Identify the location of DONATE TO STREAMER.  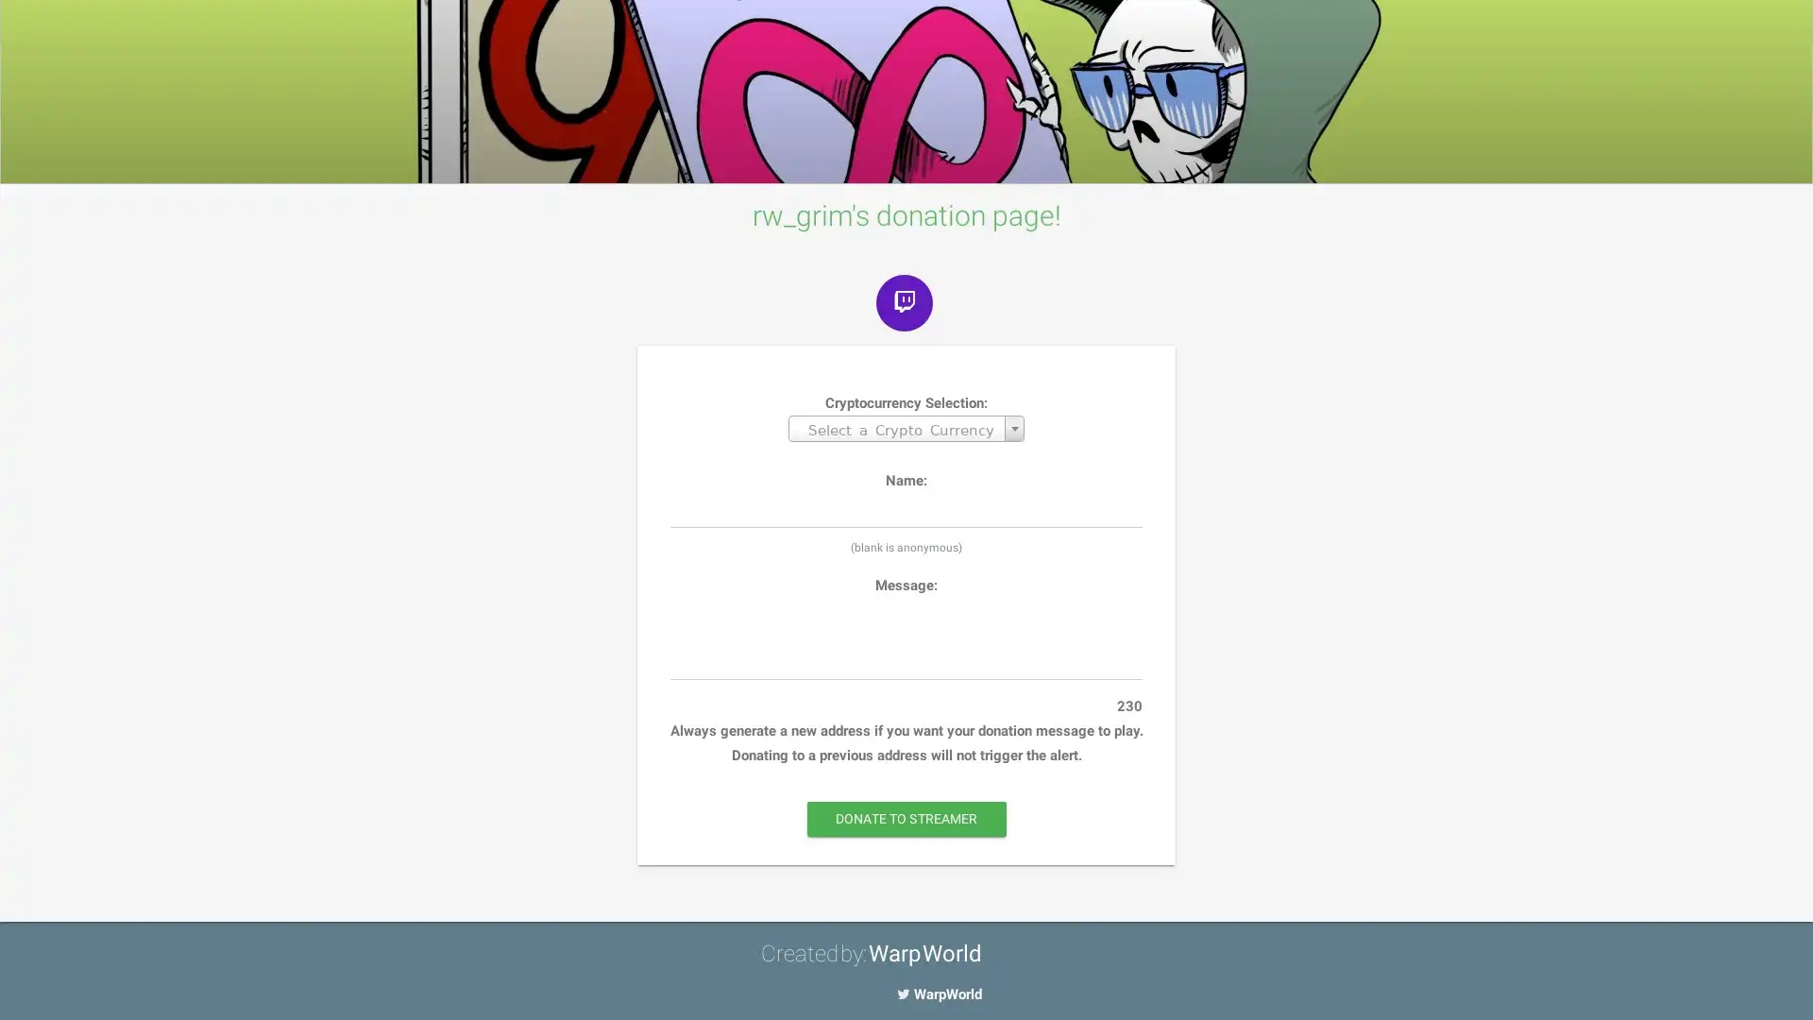
(905, 817).